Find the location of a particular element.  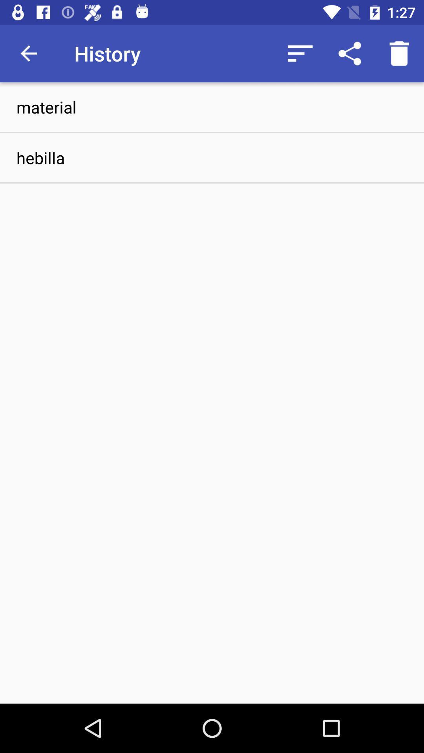

icon above material item is located at coordinates (28, 53).